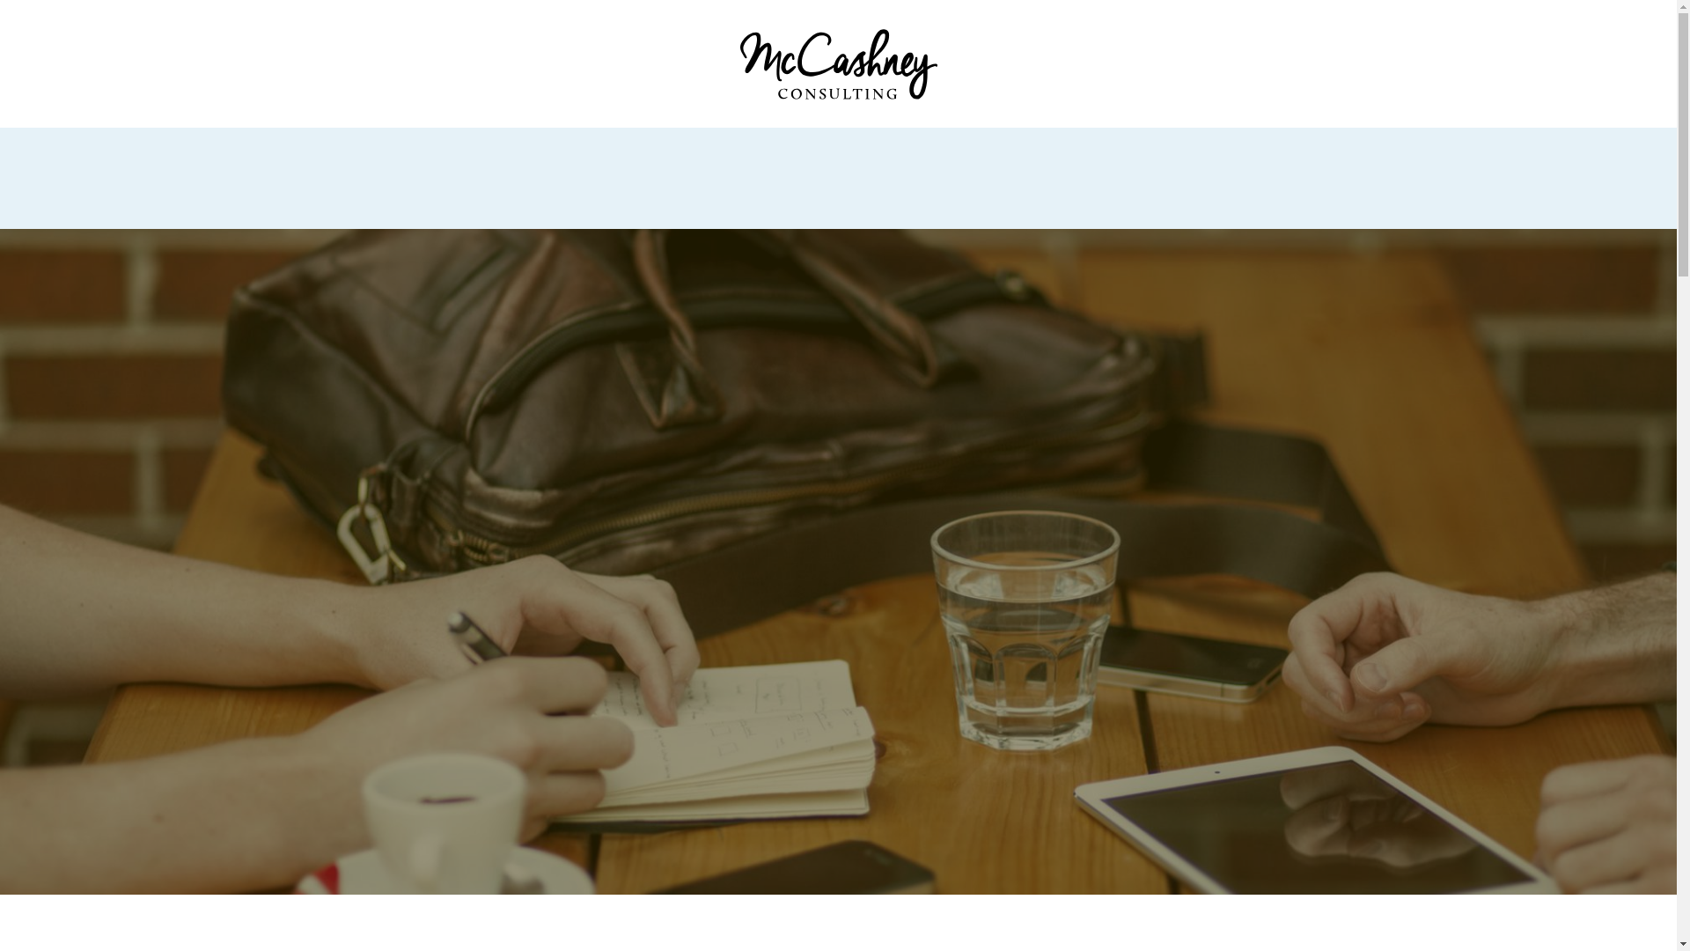 This screenshot has width=1690, height=951. Describe the element at coordinates (836, 63) in the screenshot. I see `'McCashney Consulting'` at that location.